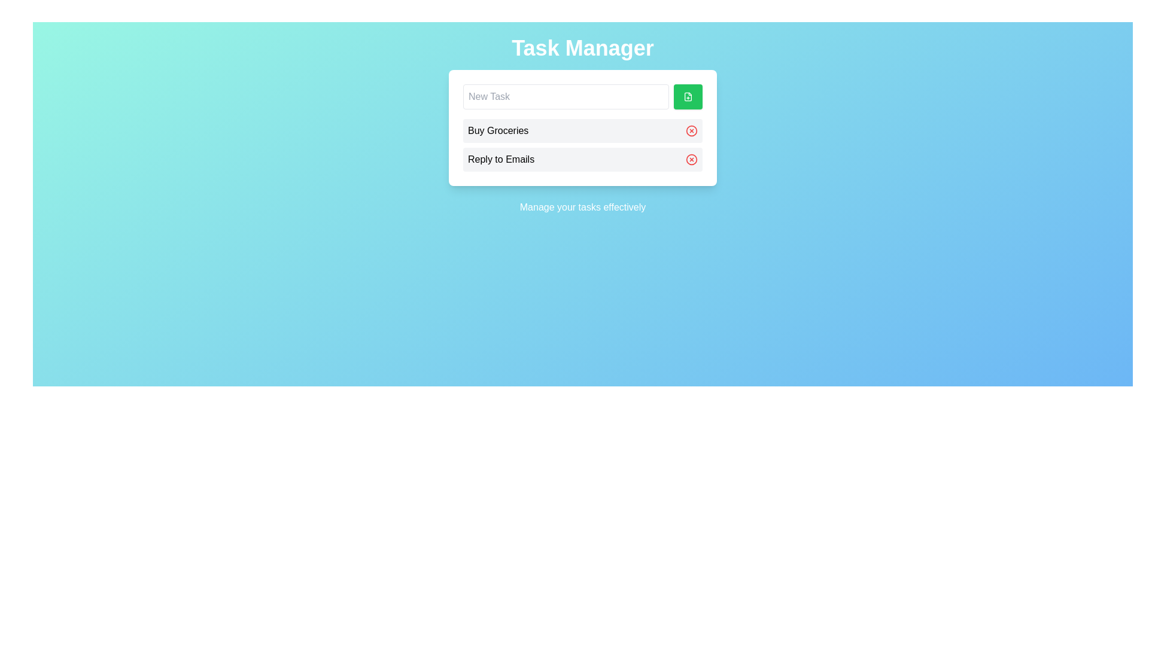  I want to click on the file icon with a green background and a plus symbol, located on the right of the input field in the Task Manager interface, so click(688, 96).